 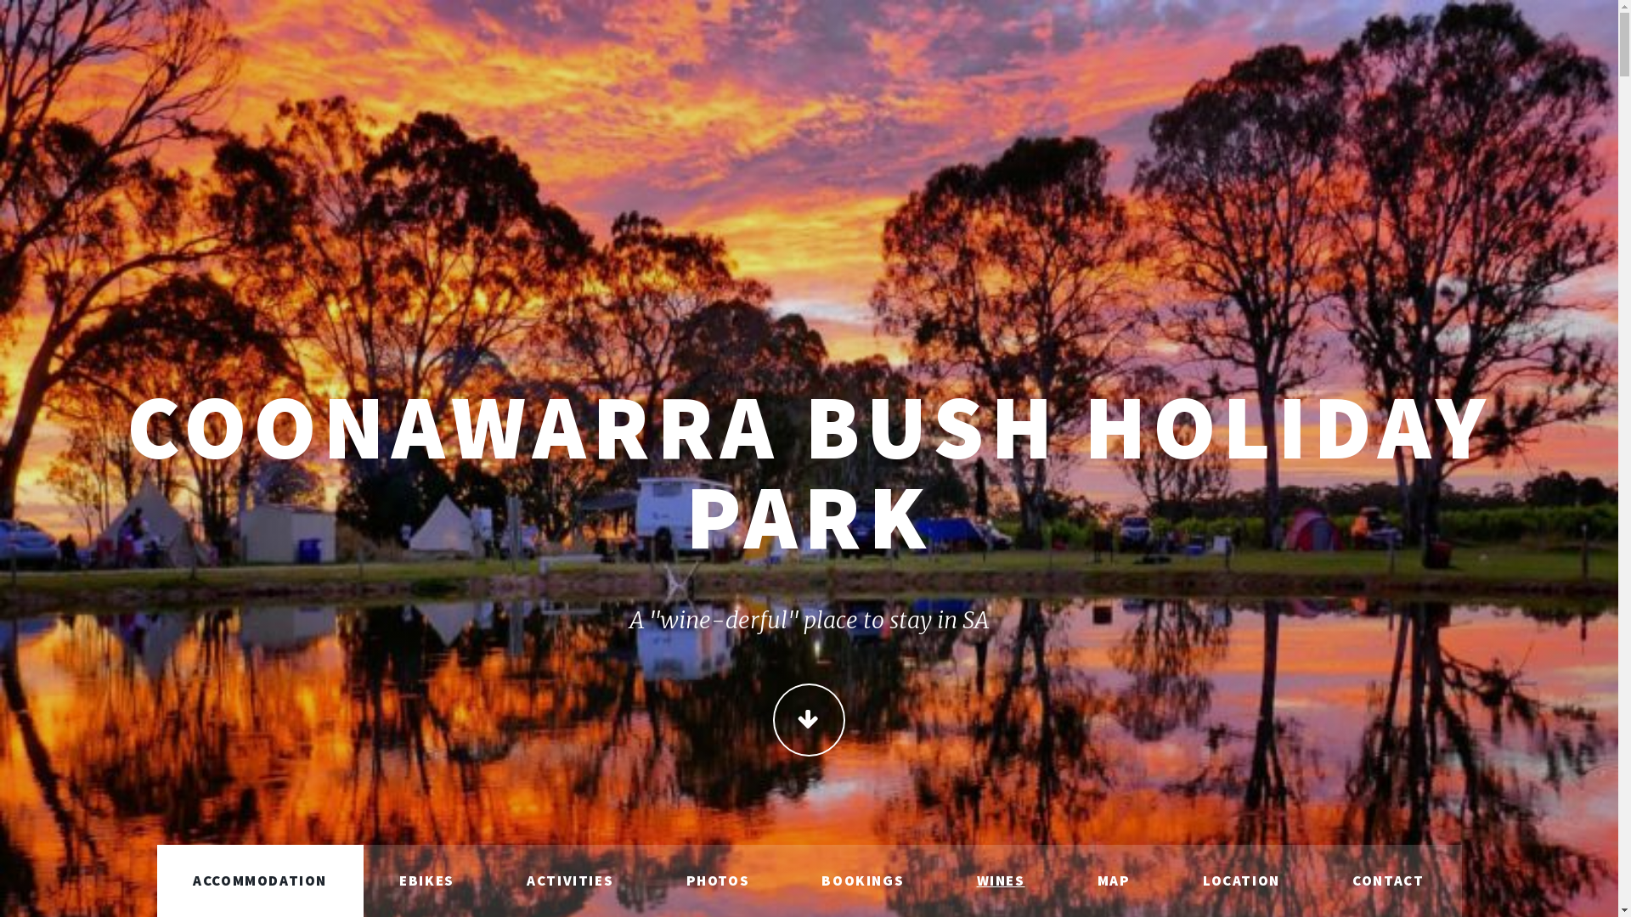 I want to click on 'CONTINUE', so click(x=808, y=719).